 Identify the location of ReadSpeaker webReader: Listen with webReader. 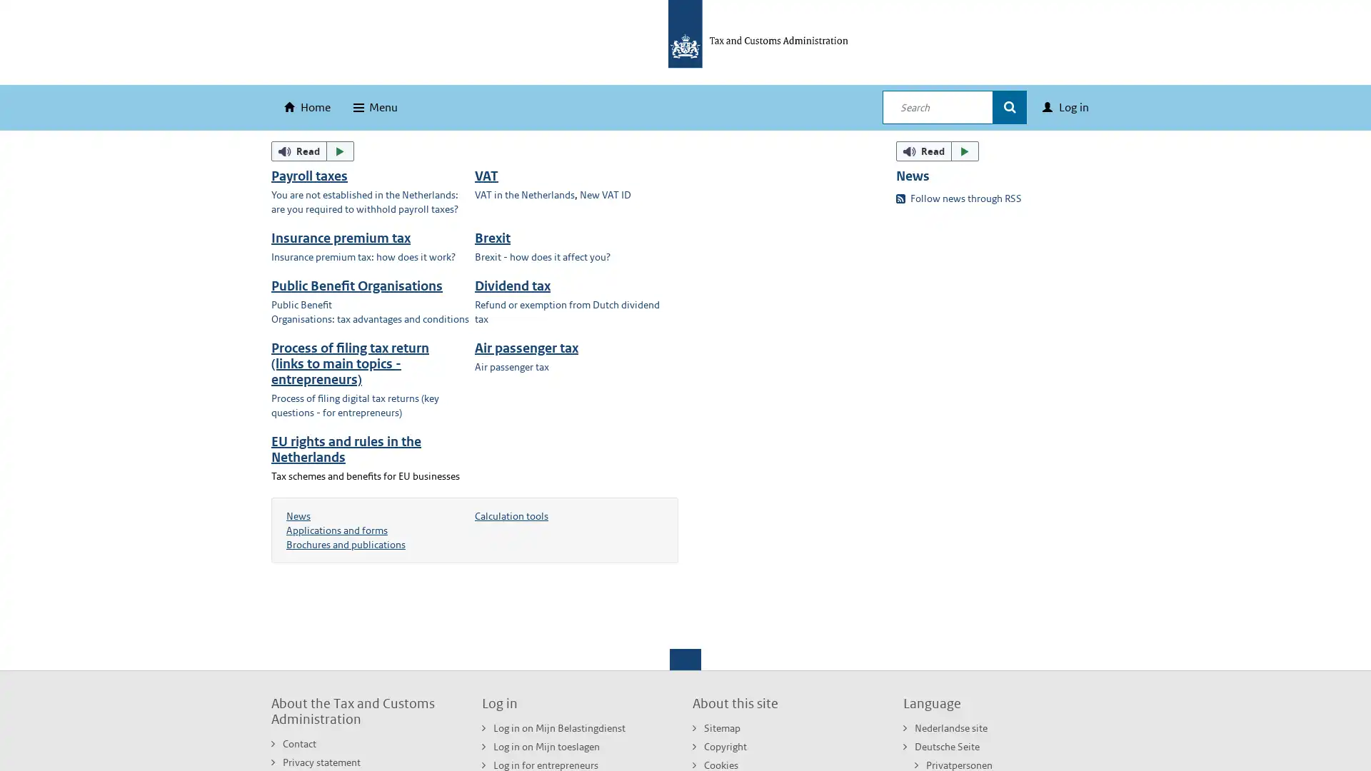
(311, 151).